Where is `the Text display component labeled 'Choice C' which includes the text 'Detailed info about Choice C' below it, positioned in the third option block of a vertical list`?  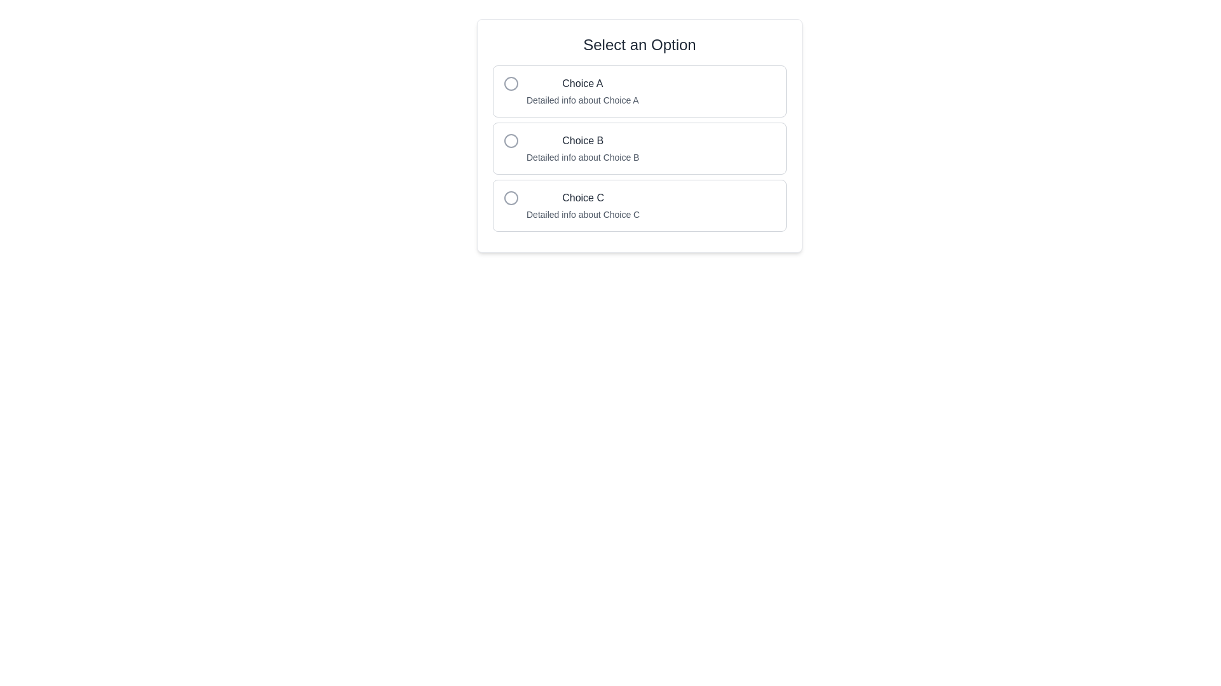
the Text display component labeled 'Choice C' which includes the text 'Detailed info about Choice C' below it, positioned in the third option block of a vertical list is located at coordinates (583, 205).